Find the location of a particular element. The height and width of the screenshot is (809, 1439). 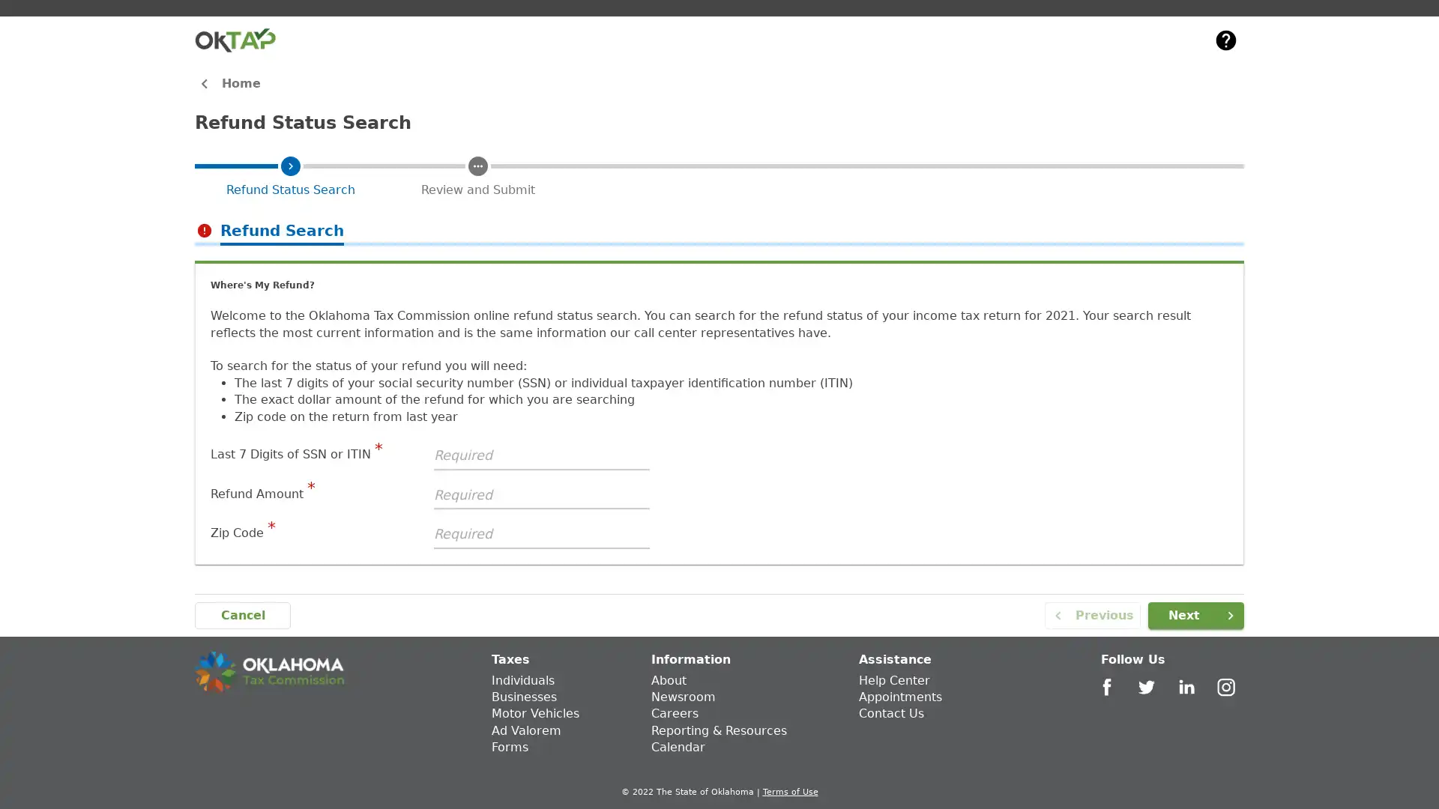

Next is located at coordinates (1195, 615).